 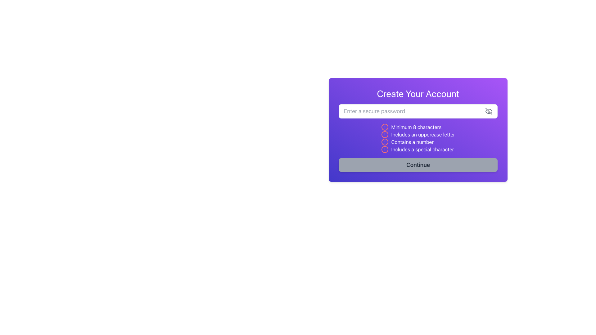 I want to click on the decorative SVG circle icon that represents the visual signal for the password rule related to special characters, located in the fourth requirement row under the password rules, so click(x=385, y=150).